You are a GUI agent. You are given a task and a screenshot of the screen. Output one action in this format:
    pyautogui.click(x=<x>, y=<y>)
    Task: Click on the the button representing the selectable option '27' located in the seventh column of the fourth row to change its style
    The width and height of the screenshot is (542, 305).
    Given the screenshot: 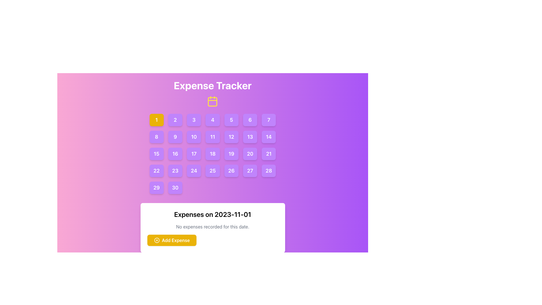 What is the action you would take?
    pyautogui.click(x=250, y=171)
    